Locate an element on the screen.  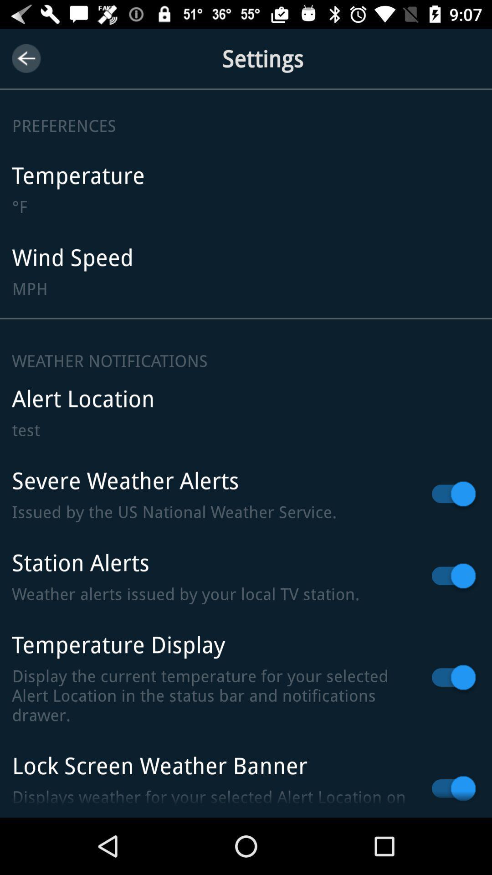
the arrow_backward icon is located at coordinates (26, 58).